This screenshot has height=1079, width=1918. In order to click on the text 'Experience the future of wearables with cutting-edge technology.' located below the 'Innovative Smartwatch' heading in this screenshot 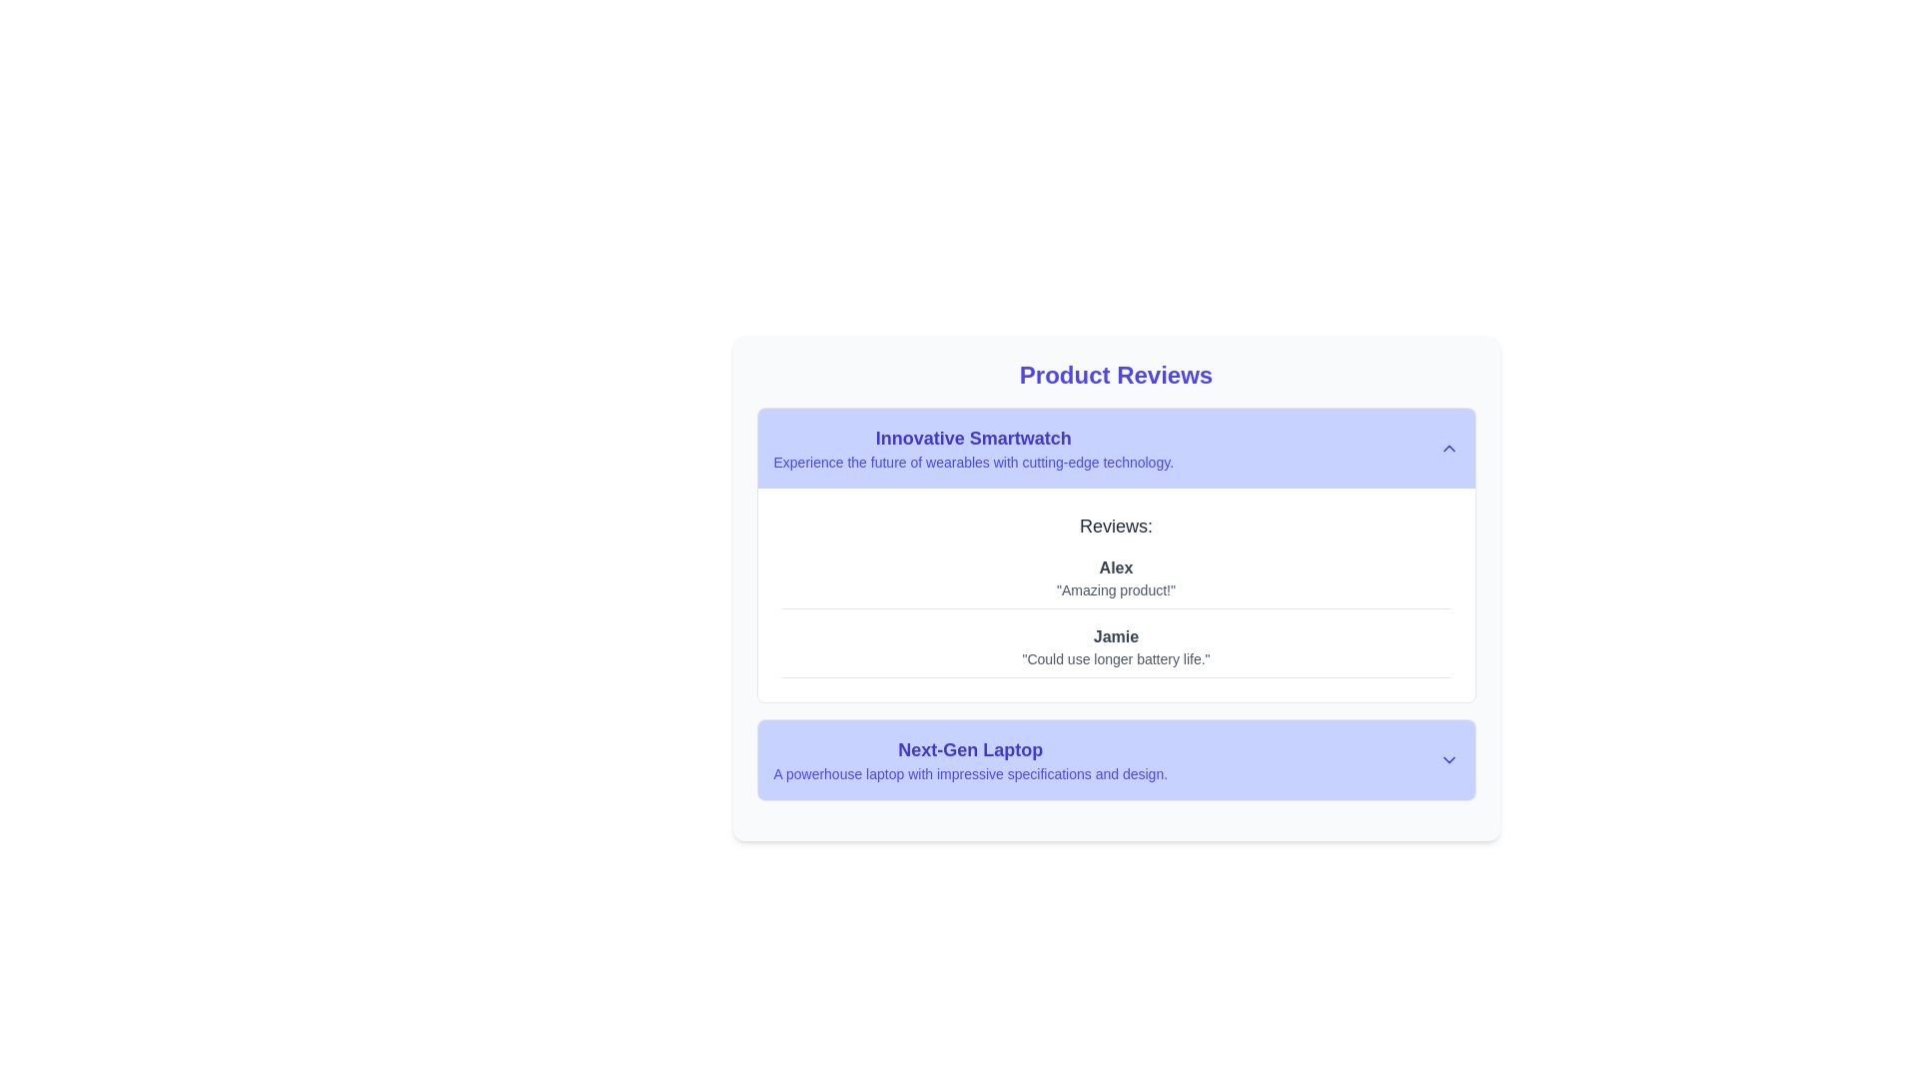, I will do `click(973, 462)`.